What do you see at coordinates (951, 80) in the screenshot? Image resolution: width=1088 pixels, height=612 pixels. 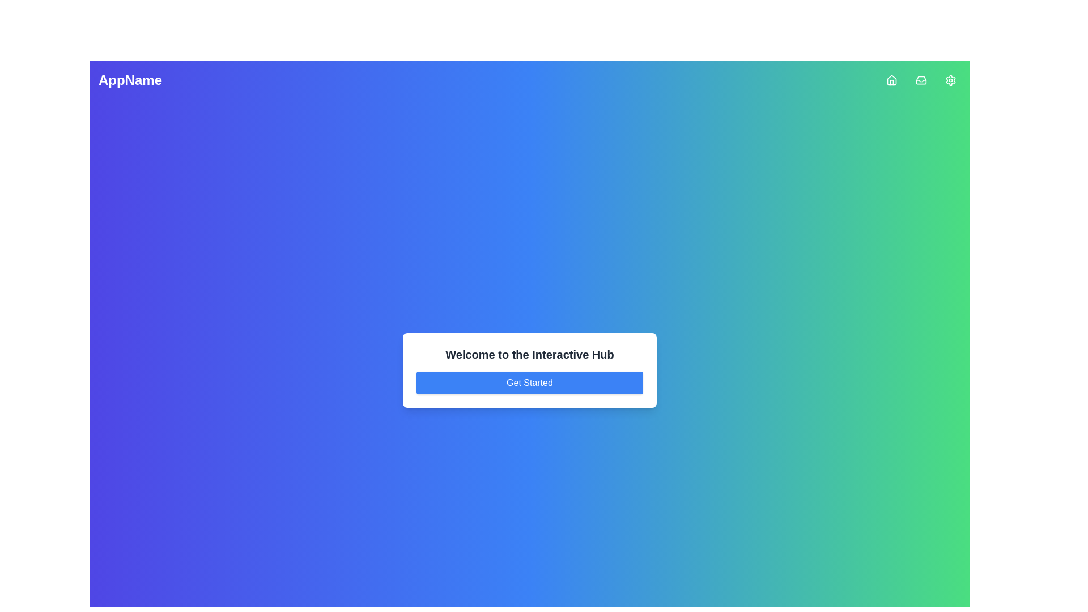 I see `the gear icon button located` at bounding box center [951, 80].